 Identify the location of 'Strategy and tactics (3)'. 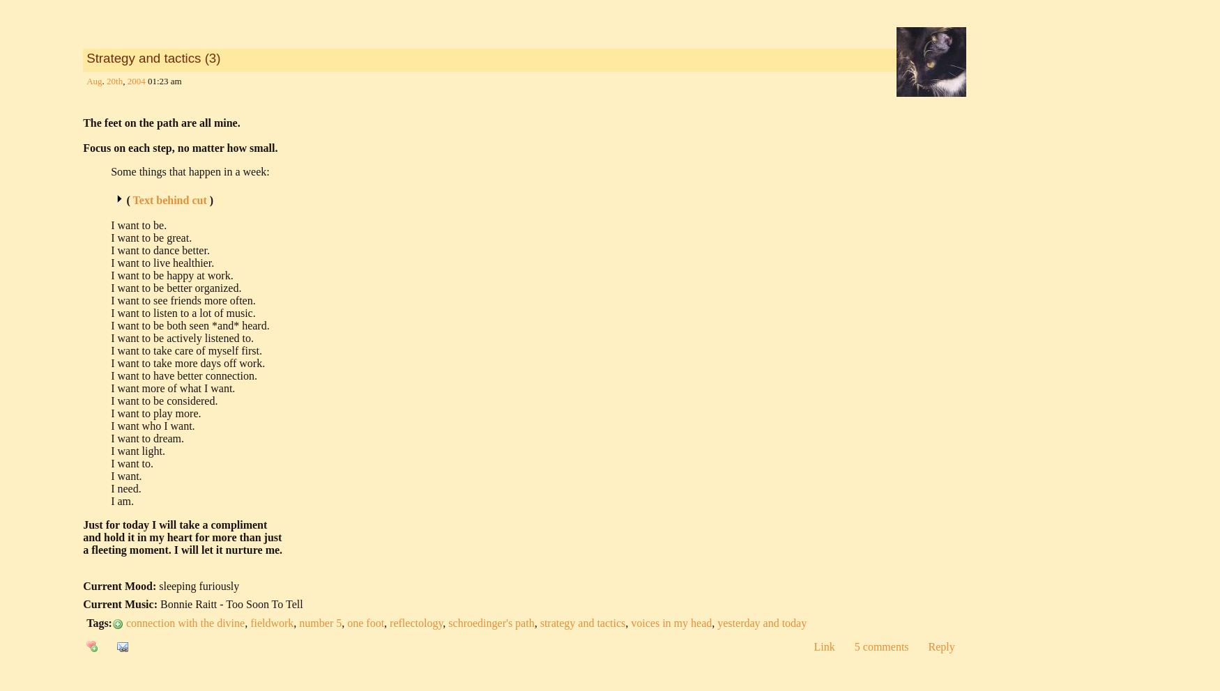
(153, 57).